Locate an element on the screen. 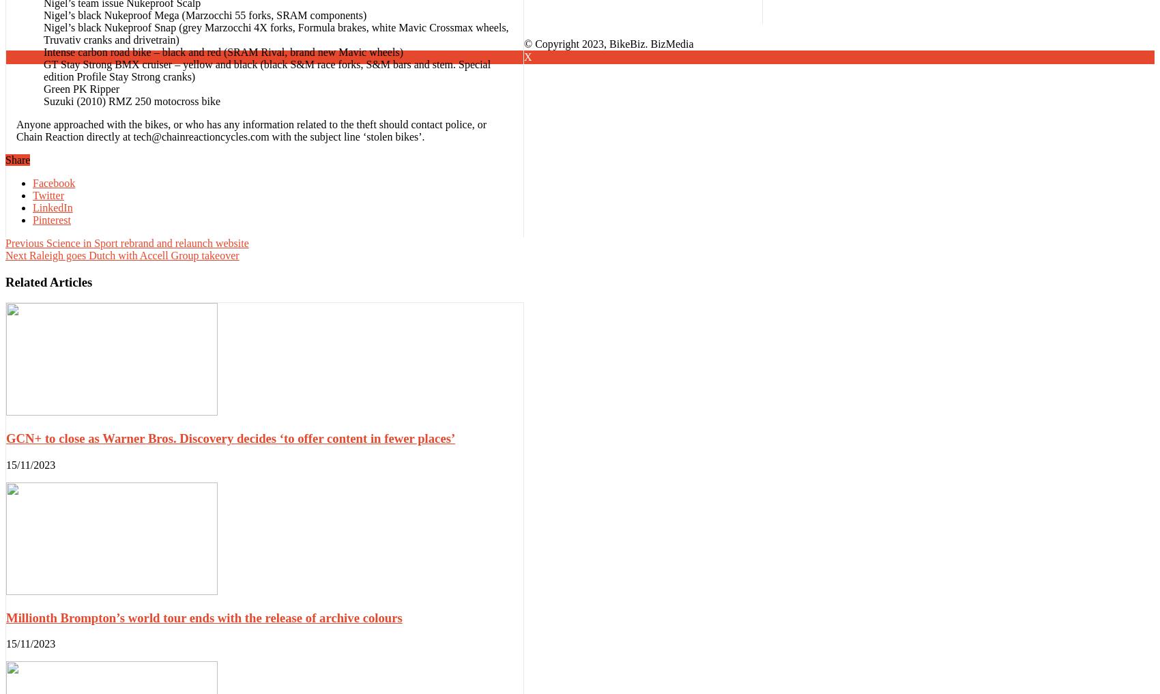  'Pinterest' is located at coordinates (32, 219).